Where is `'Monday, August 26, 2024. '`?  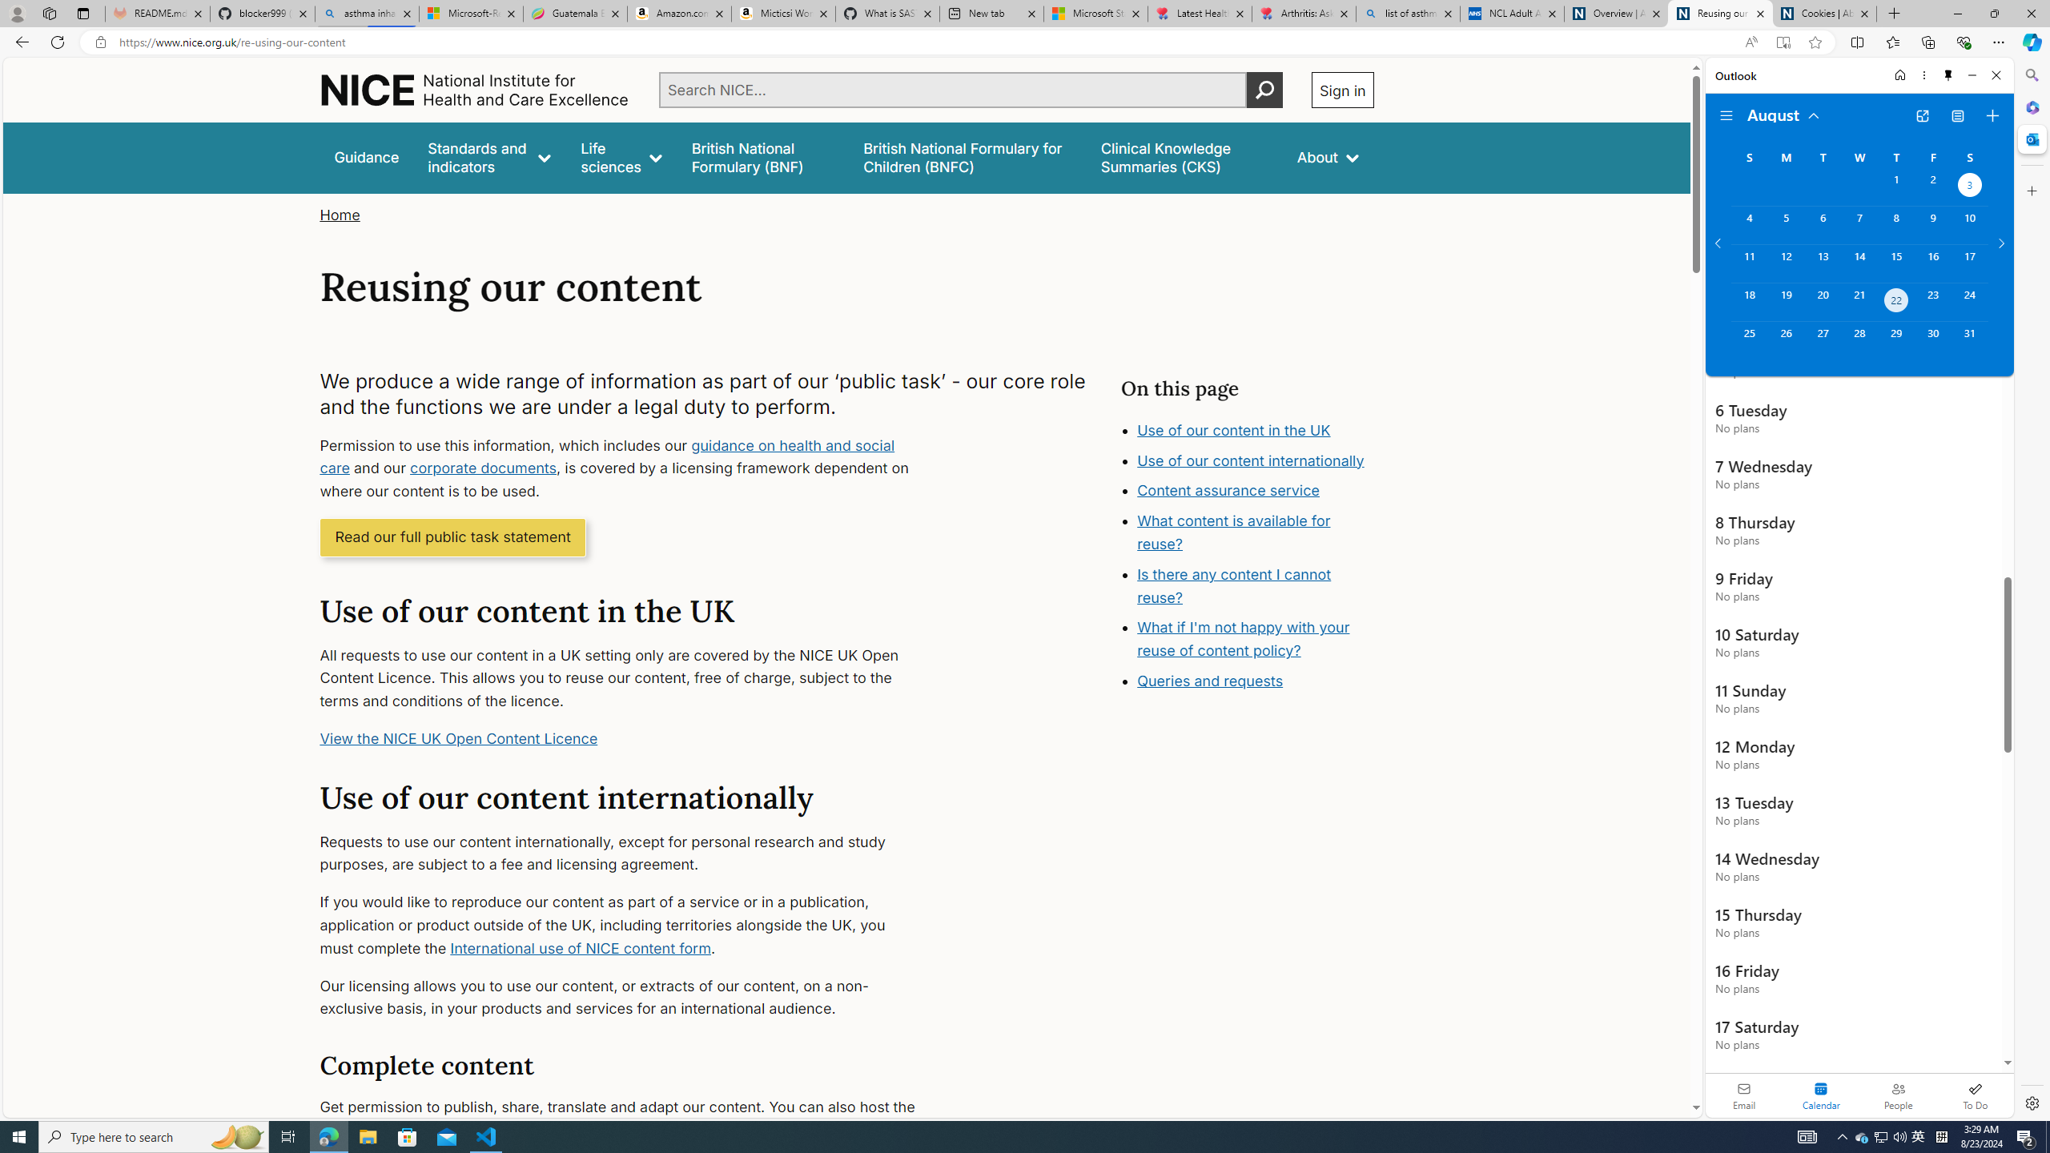
'Monday, August 26, 2024. ' is located at coordinates (1785, 340).